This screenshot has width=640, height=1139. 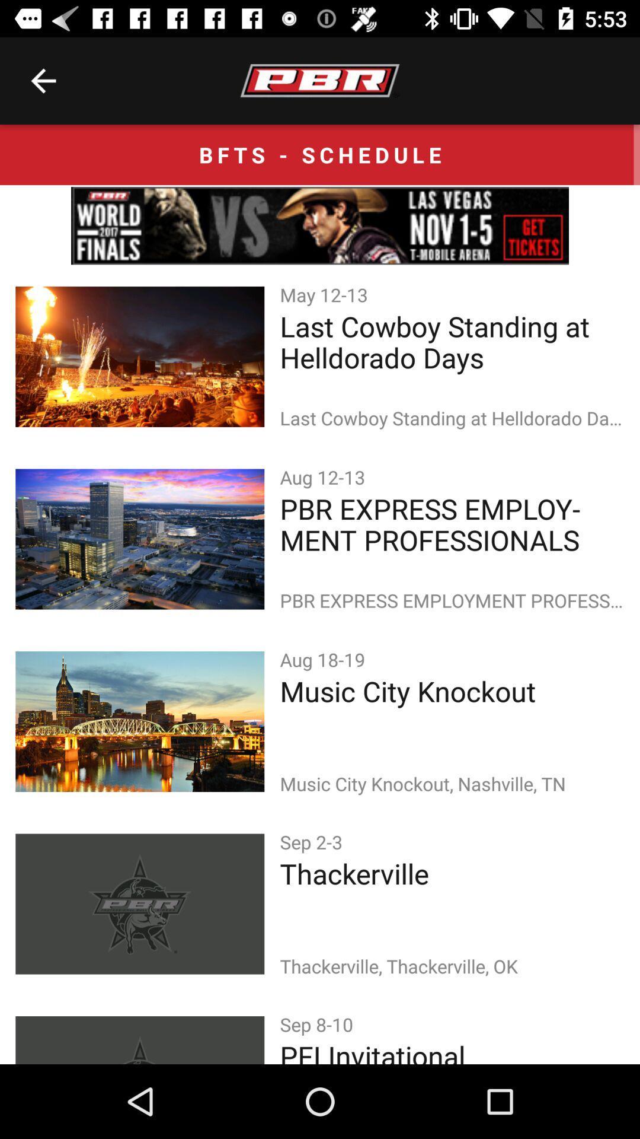 What do you see at coordinates (320, 225) in the screenshot?
I see `icon below the bfts - schedule icon` at bounding box center [320, 225].